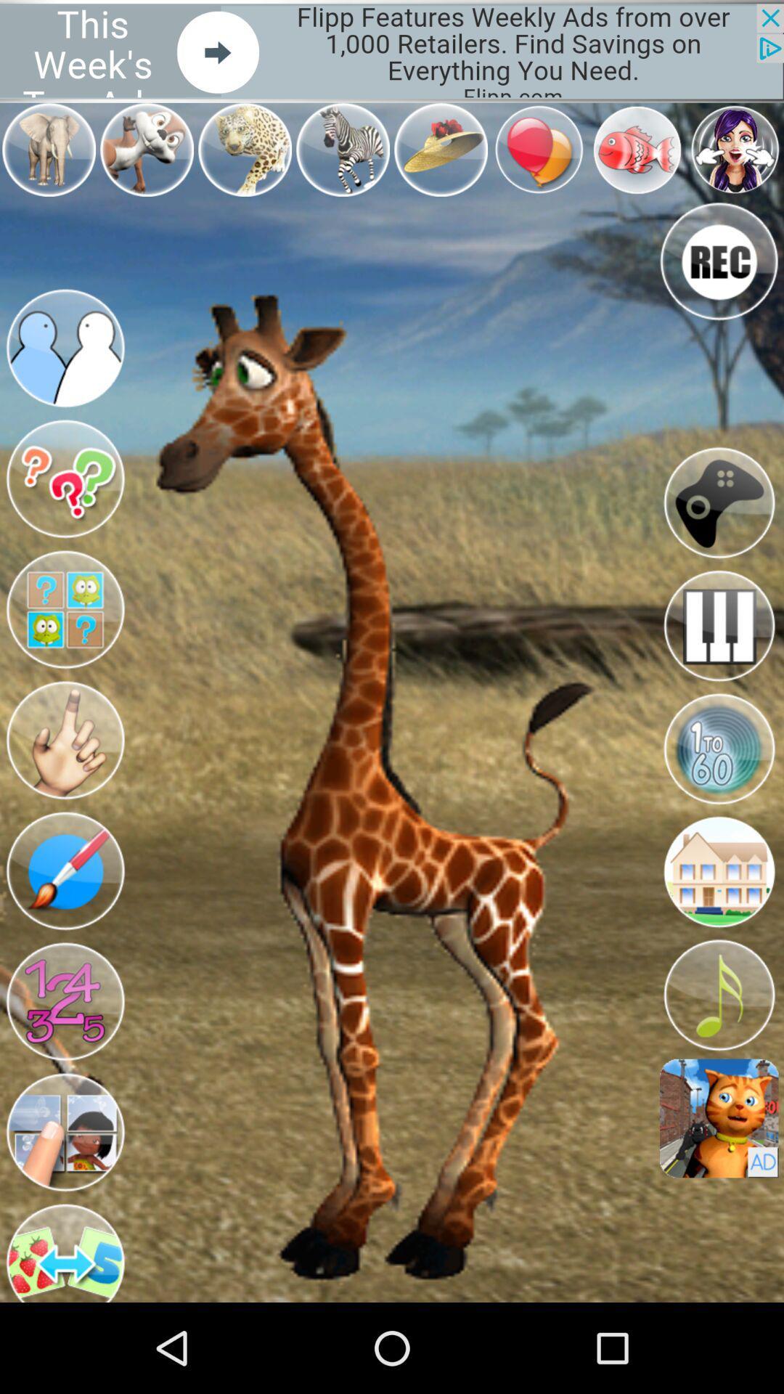 Image resolution: width=784 pixels, height=1394 pixels. I want to click on the location_crosshair icon, so click(719, 537).